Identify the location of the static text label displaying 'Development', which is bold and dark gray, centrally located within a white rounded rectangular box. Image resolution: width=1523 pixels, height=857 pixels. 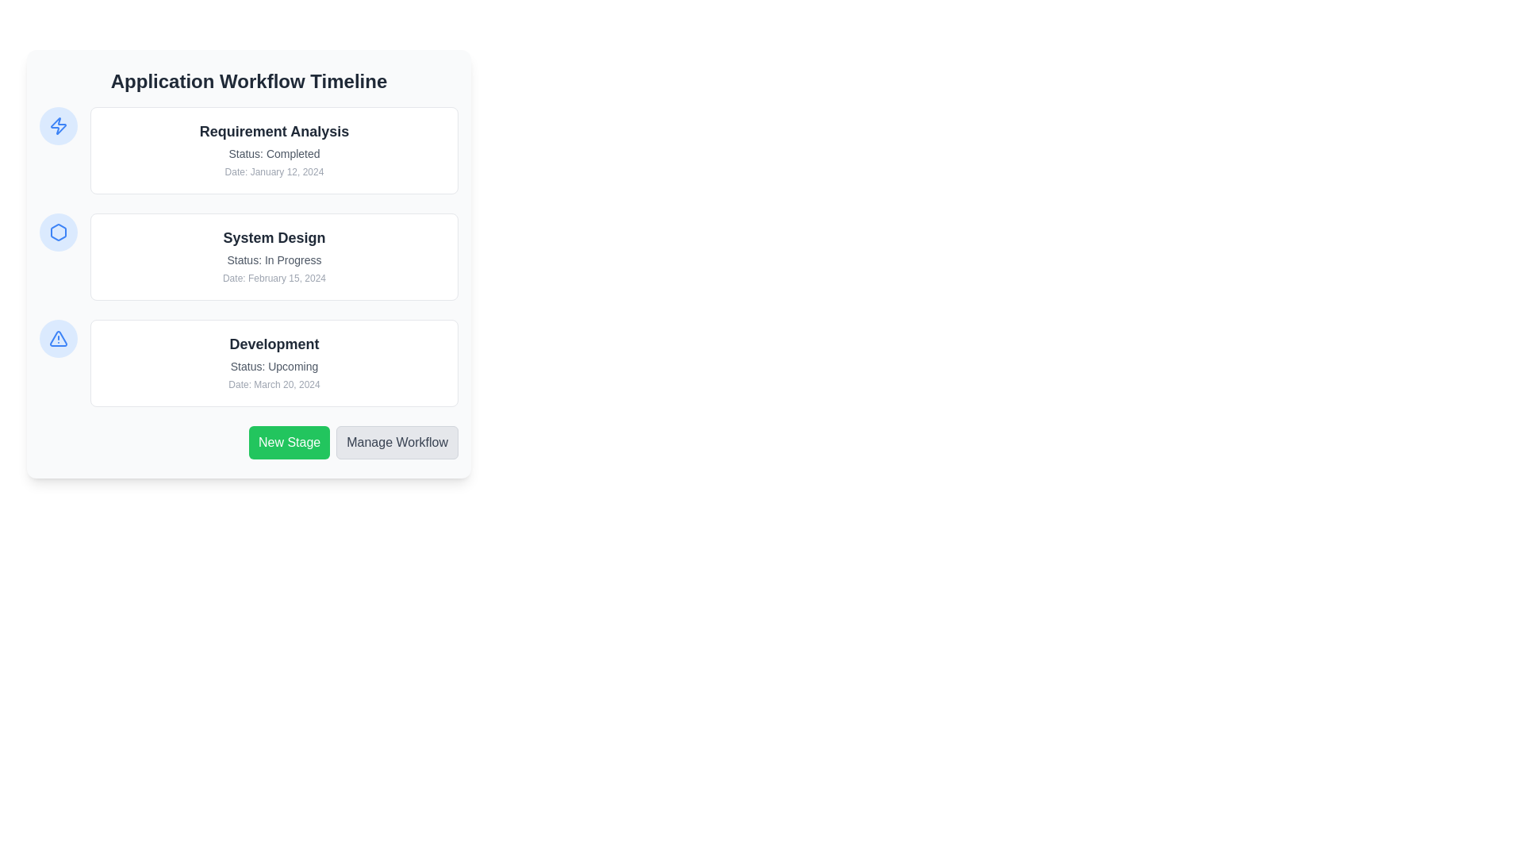
(274, 344).